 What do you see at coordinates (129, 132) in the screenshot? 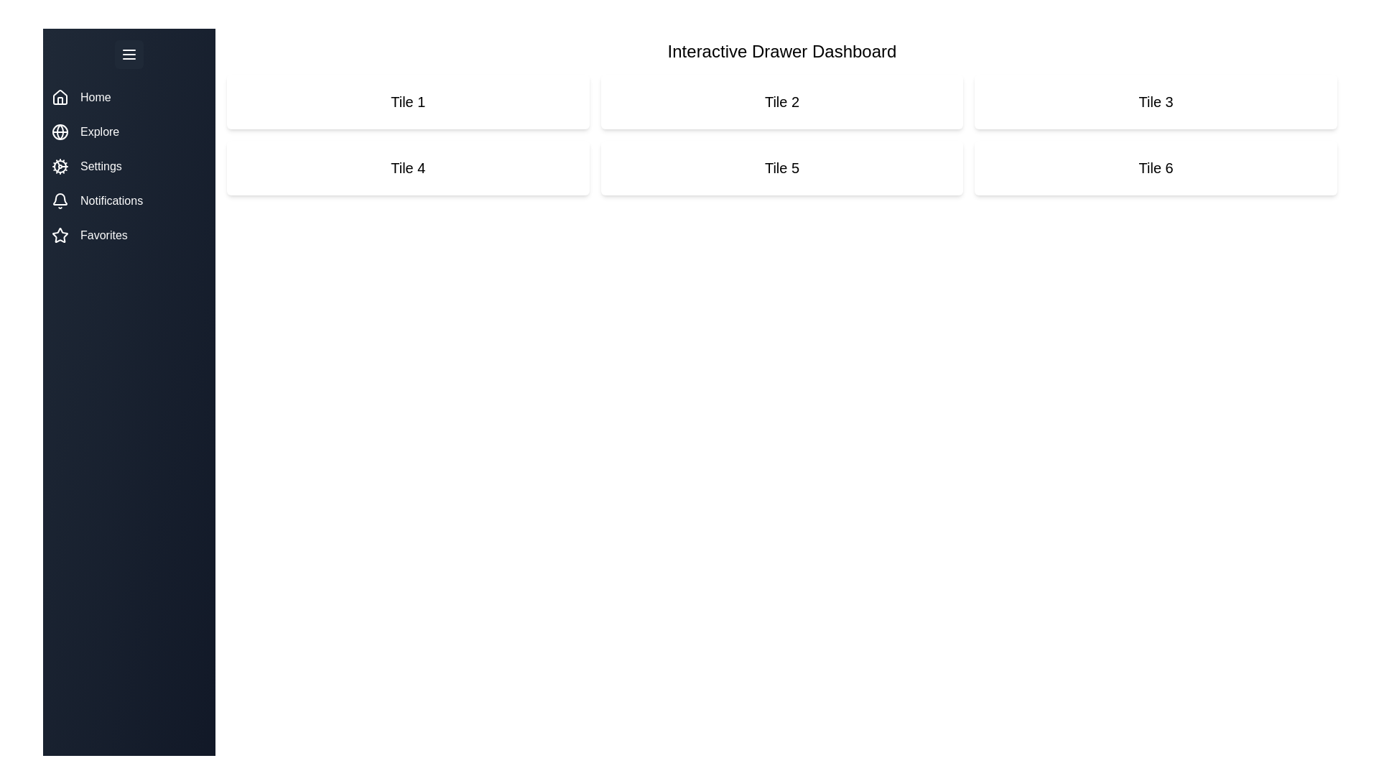
I see `the navigation item Explore to see its hover effect` at bounding box center [129, 132].